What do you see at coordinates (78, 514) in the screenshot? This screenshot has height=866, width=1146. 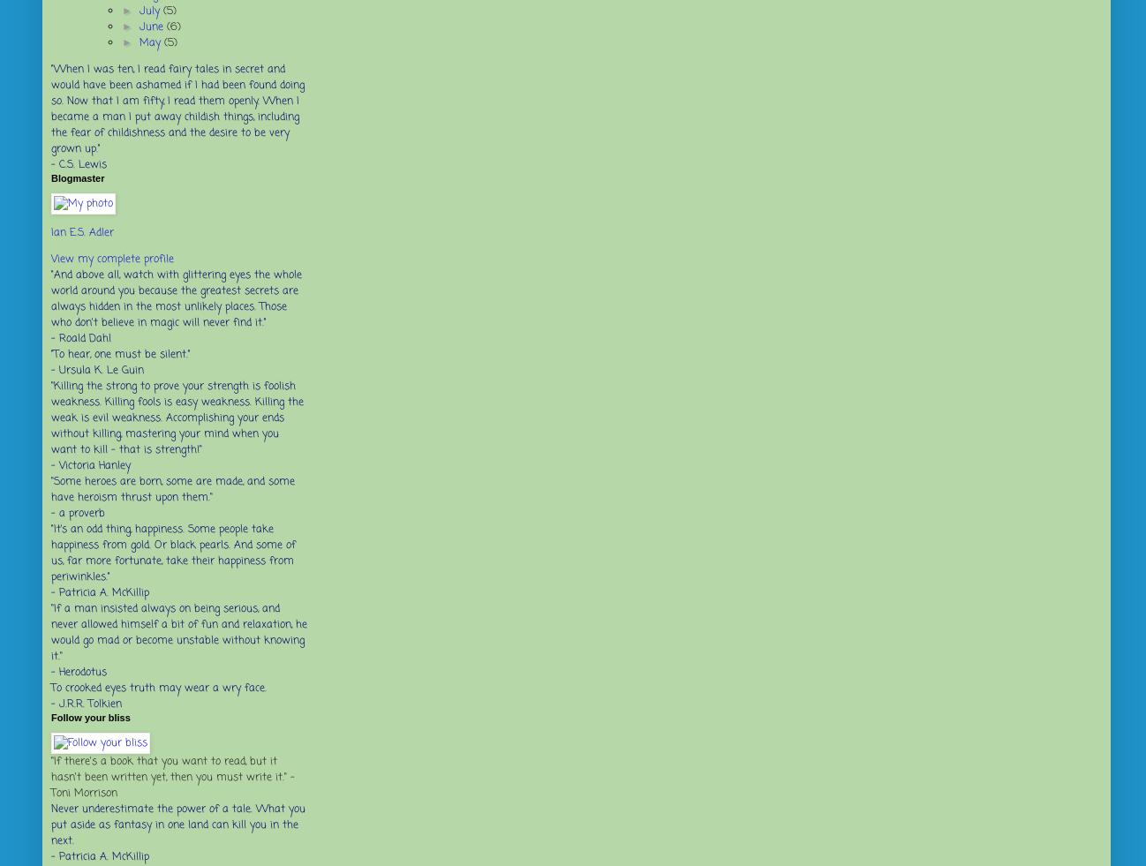 I see `'- a proverb'` at bounding box center [78, 514].